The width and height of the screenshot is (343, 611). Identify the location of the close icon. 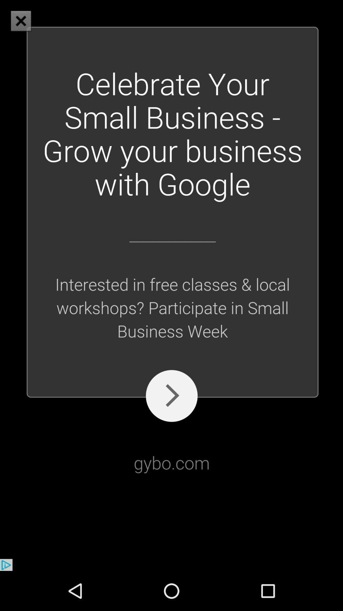
(20, 22).